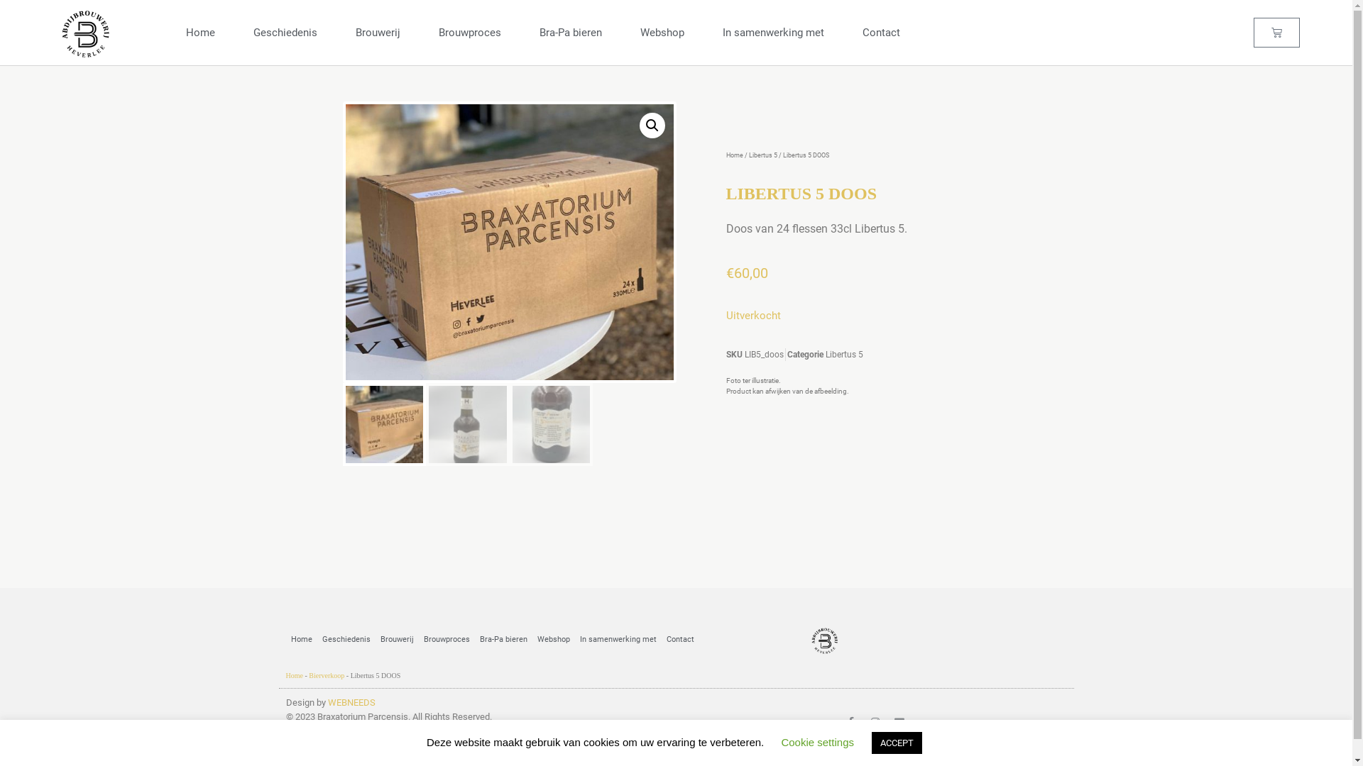 This screenshot has height=766, width=1363. What do you see at coordinates (660, 640) in the screenshot?
I see `'Contact'` at bounding box center [660, 640].